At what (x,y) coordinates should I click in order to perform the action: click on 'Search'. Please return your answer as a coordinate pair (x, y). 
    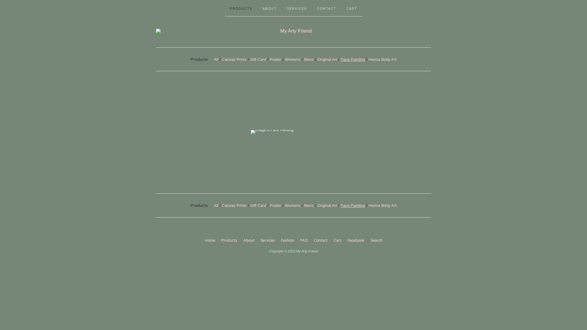
    Looking at the image, I should click on (376, 240).